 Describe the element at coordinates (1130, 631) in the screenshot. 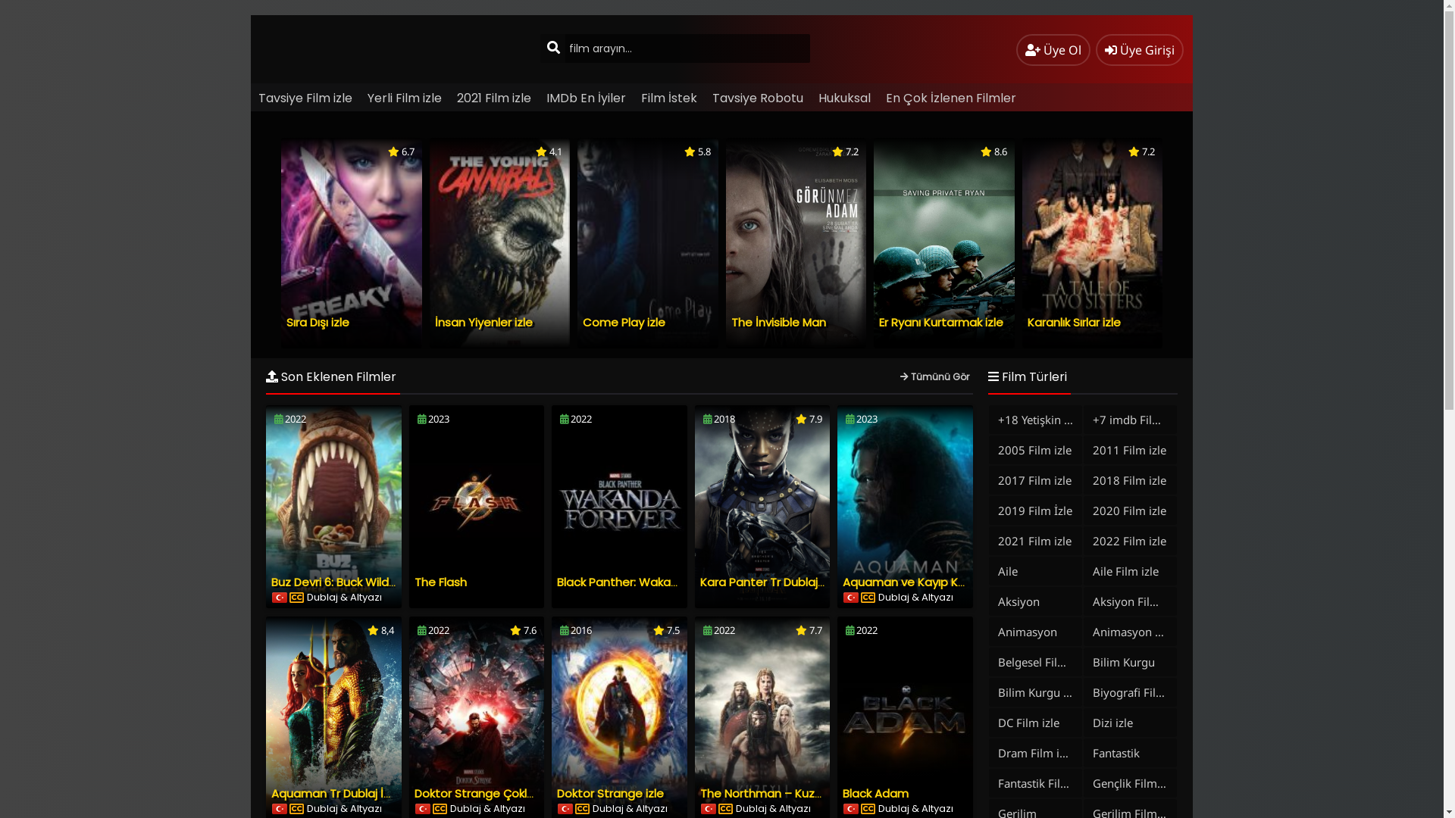

I see `'Animasyon Film izle'` at that location.